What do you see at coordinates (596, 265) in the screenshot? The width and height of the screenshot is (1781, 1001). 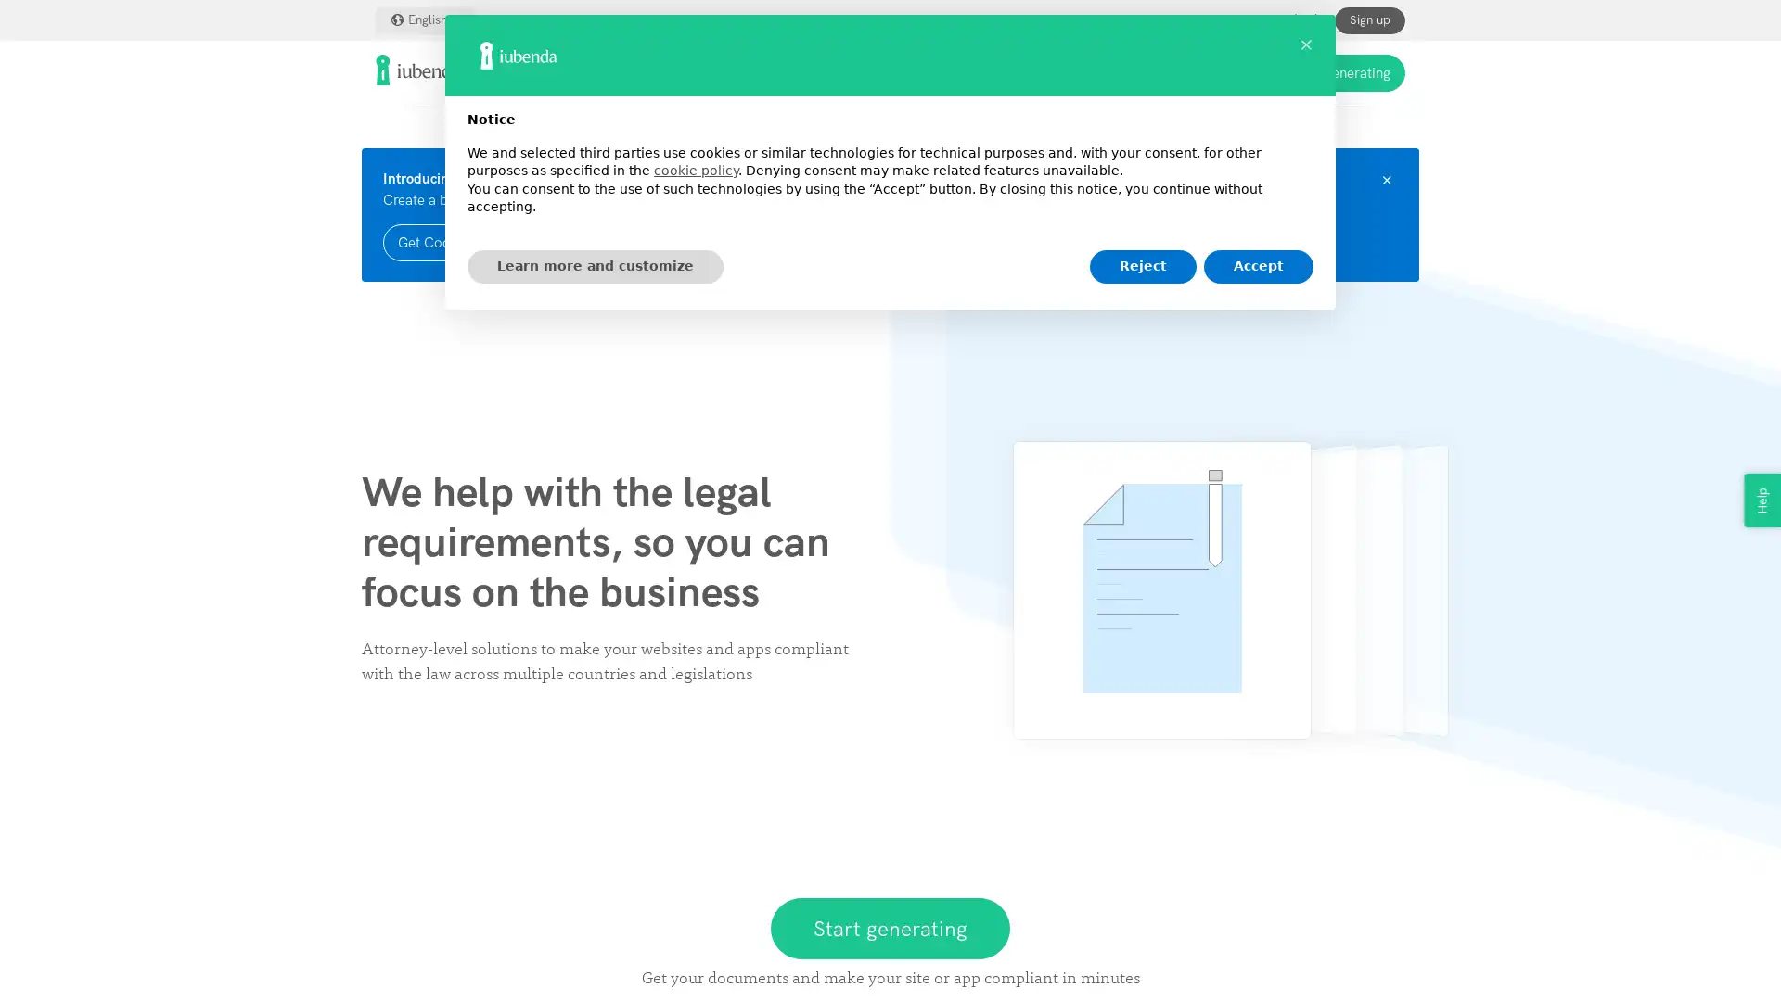 I see `Learn more and customize` at bounding box center [596, 265].